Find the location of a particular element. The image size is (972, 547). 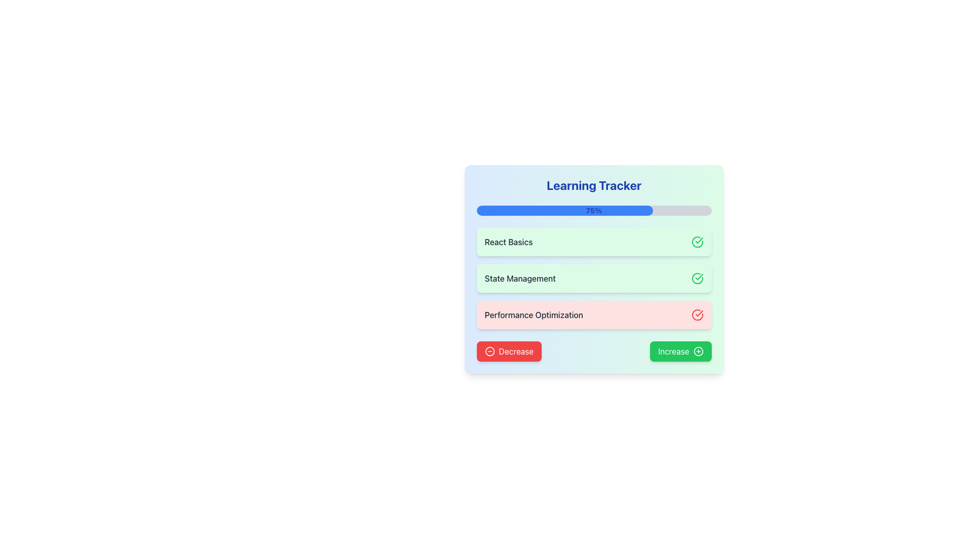

the decorative icon located on the right side of the 'Increase' button at the bottom-right of the Learning Tracker interface is located at coordinates (698, 351).